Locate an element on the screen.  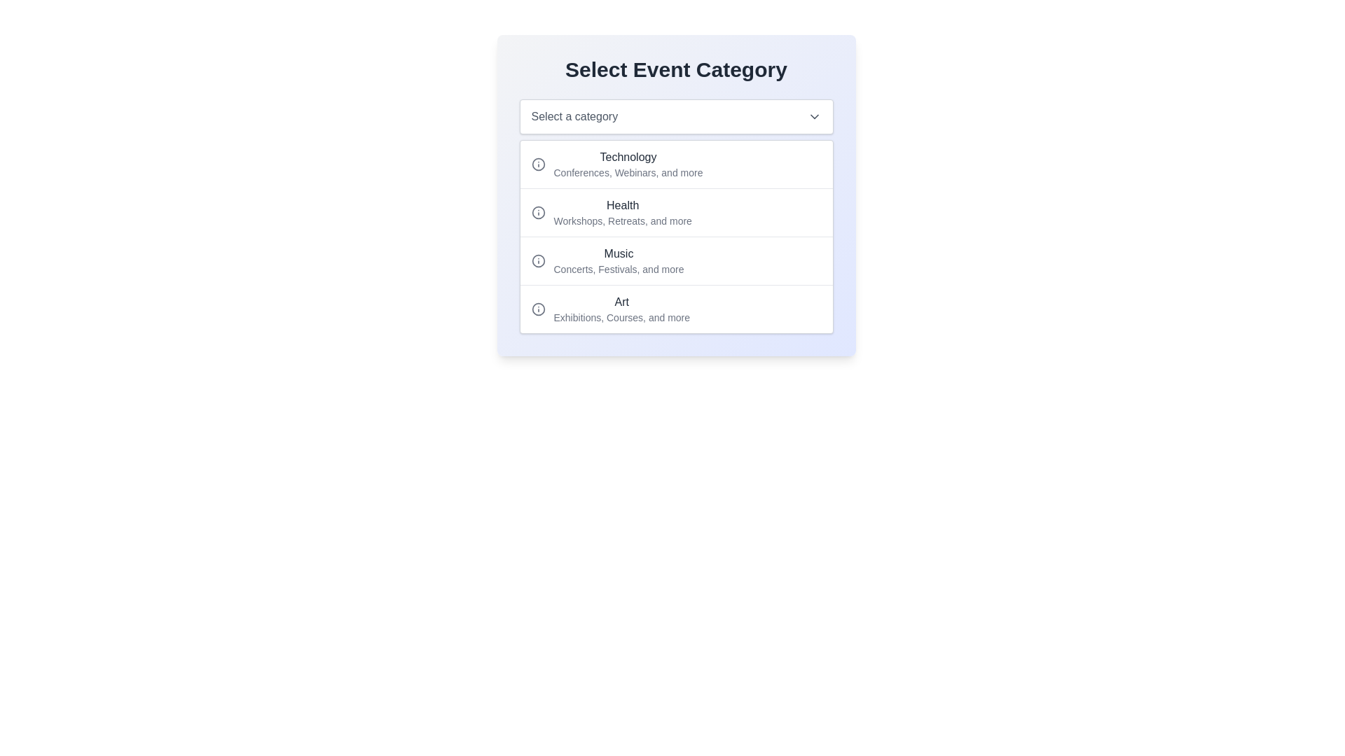
the circular gray icon located to the left of the 'Art' text in the fourth entry of the event categories list under 'Select Event Category' is located at coordinates (537, 309).